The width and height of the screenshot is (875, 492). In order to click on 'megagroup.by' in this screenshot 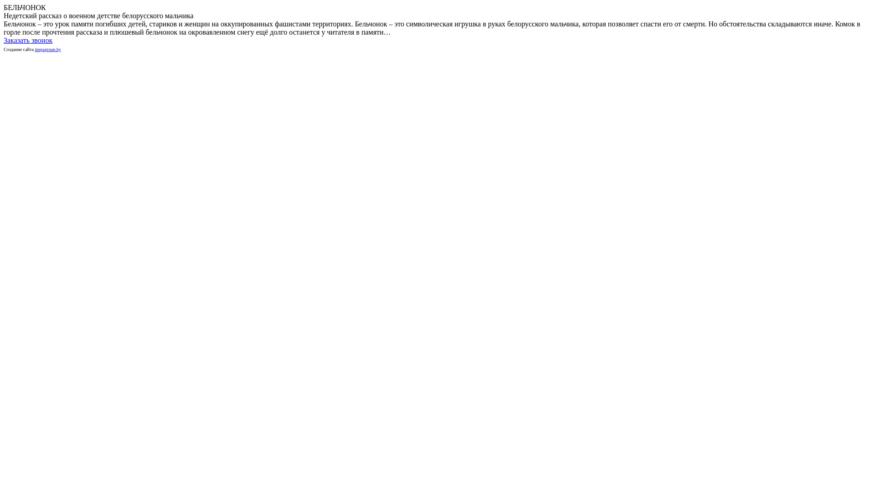, I will do `click(47, 49)`.